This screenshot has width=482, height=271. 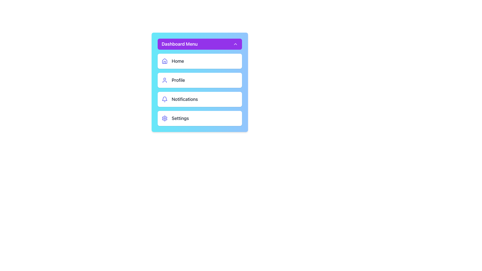 What do you see at coordinates (200, 44) in the screenshot?
I see `the rectangular, purple 'Dashboard Menu' button with rounded corners` at bounding box center [200, 44].